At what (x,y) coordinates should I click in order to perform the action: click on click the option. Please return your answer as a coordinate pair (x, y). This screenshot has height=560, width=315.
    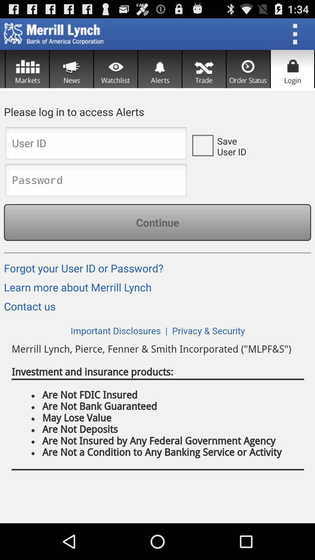
    Looking at the image, I should click on (202, 145).